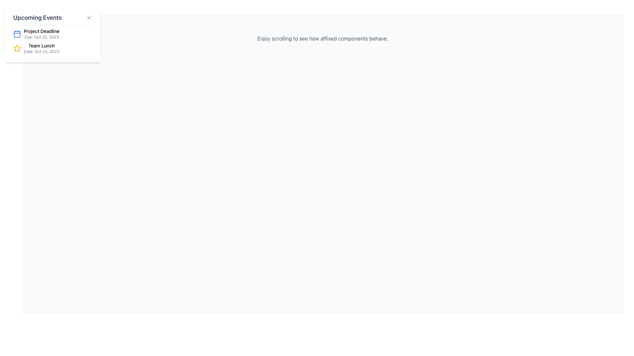  I want to click on second entry in the list of events, which features a star icon, labeled 'Team Lunch', with details 'Date: Oct 22, 2023', so click(52, 41).